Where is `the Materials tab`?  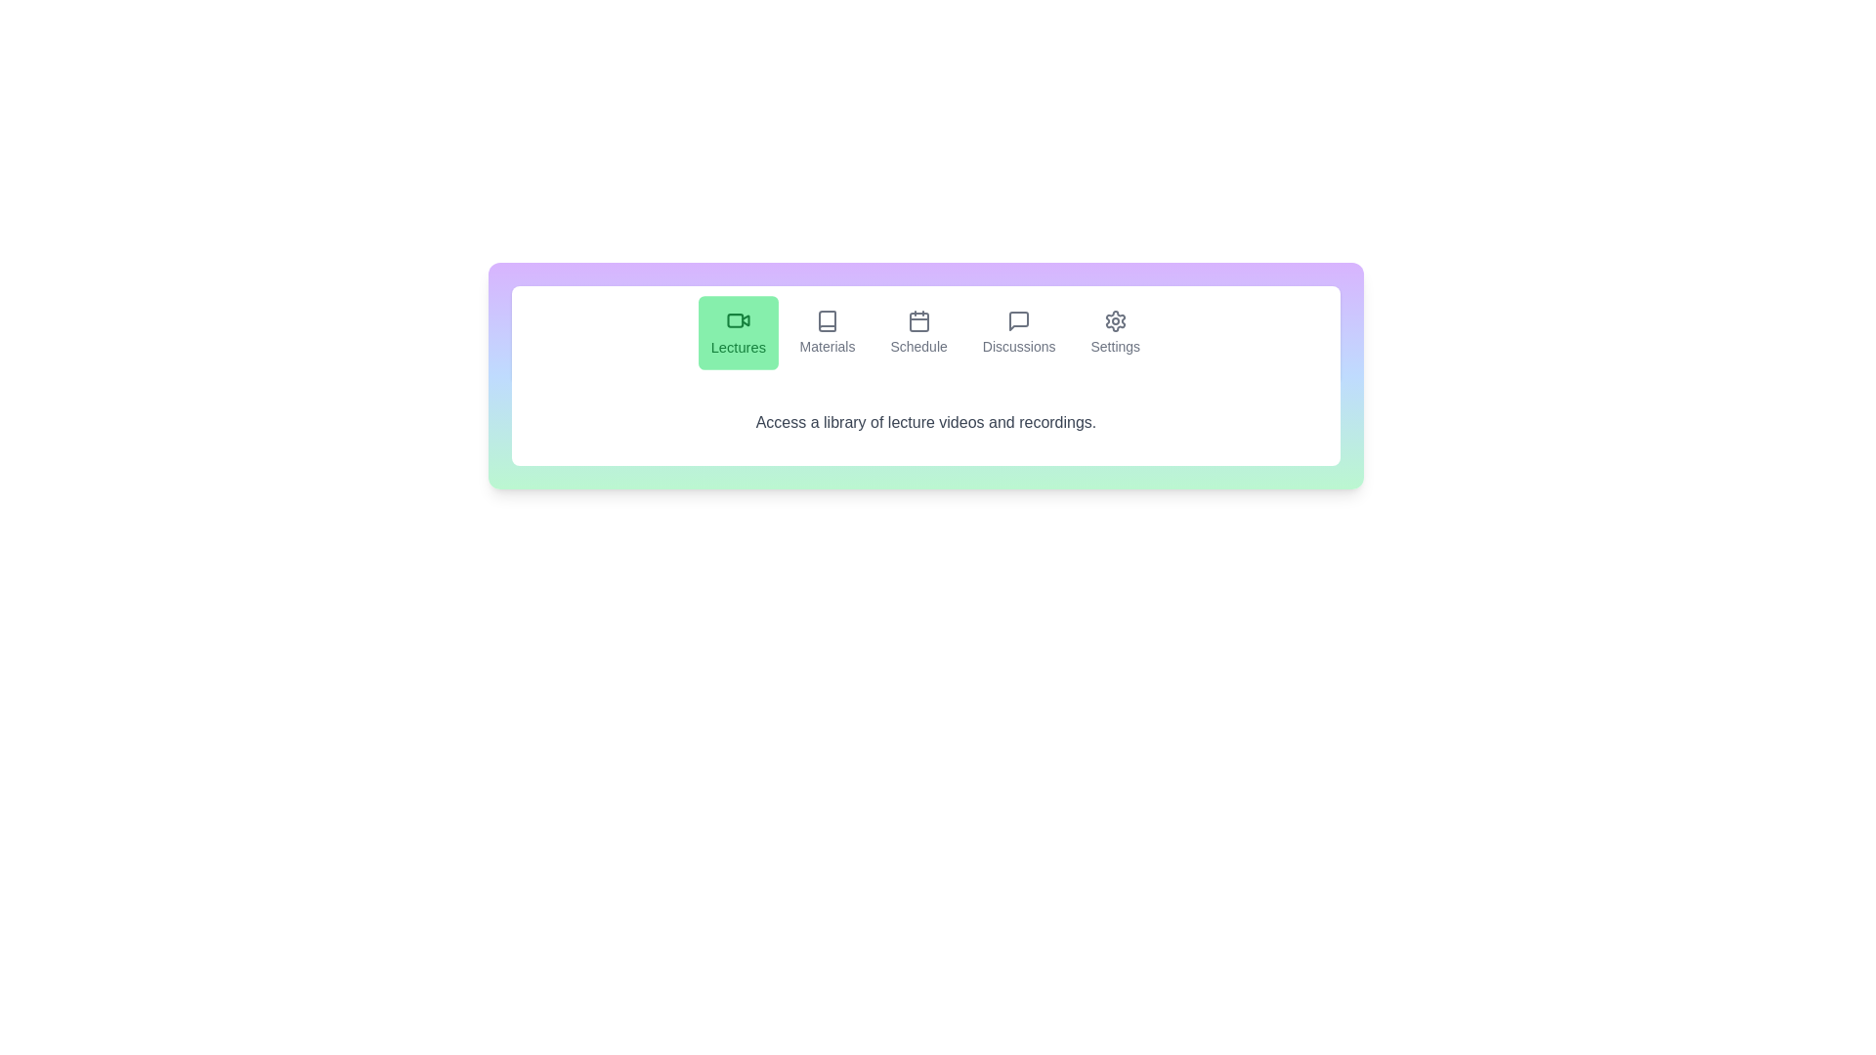 the Materials tab is located at coordinates (828, 331).